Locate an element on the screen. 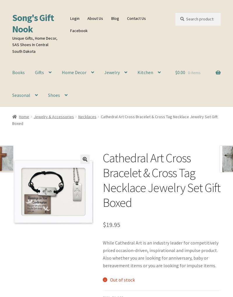 This screenshot has width=233, height=297. 'Books' is located at coordinates (18, 72).